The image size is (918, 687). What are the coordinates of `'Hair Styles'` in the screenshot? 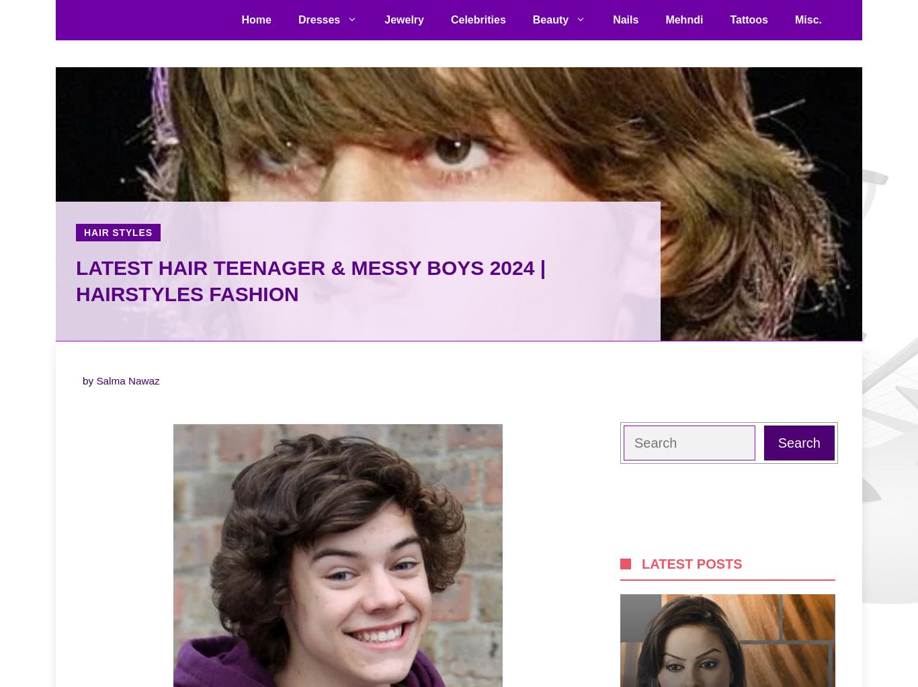 It's located at (117, 233).